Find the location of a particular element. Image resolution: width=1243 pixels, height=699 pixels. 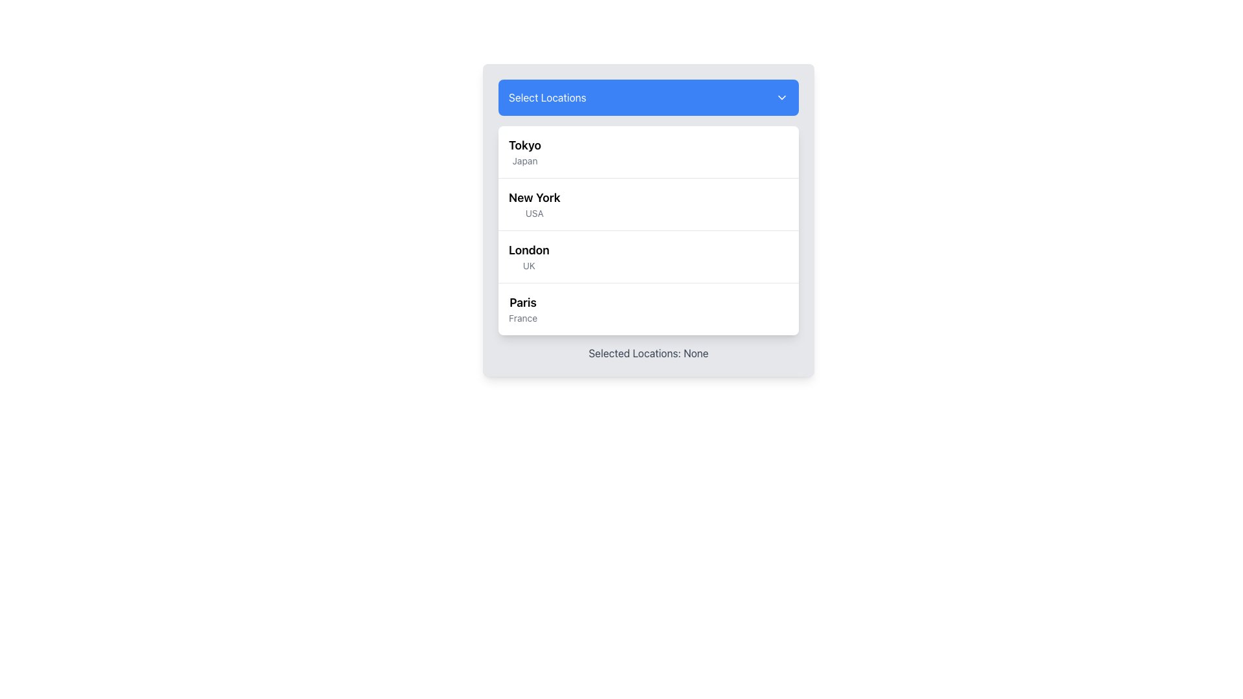

the selectable list item for 'Paris, France' in the dropdown menu is located at coordinates (649, 309).